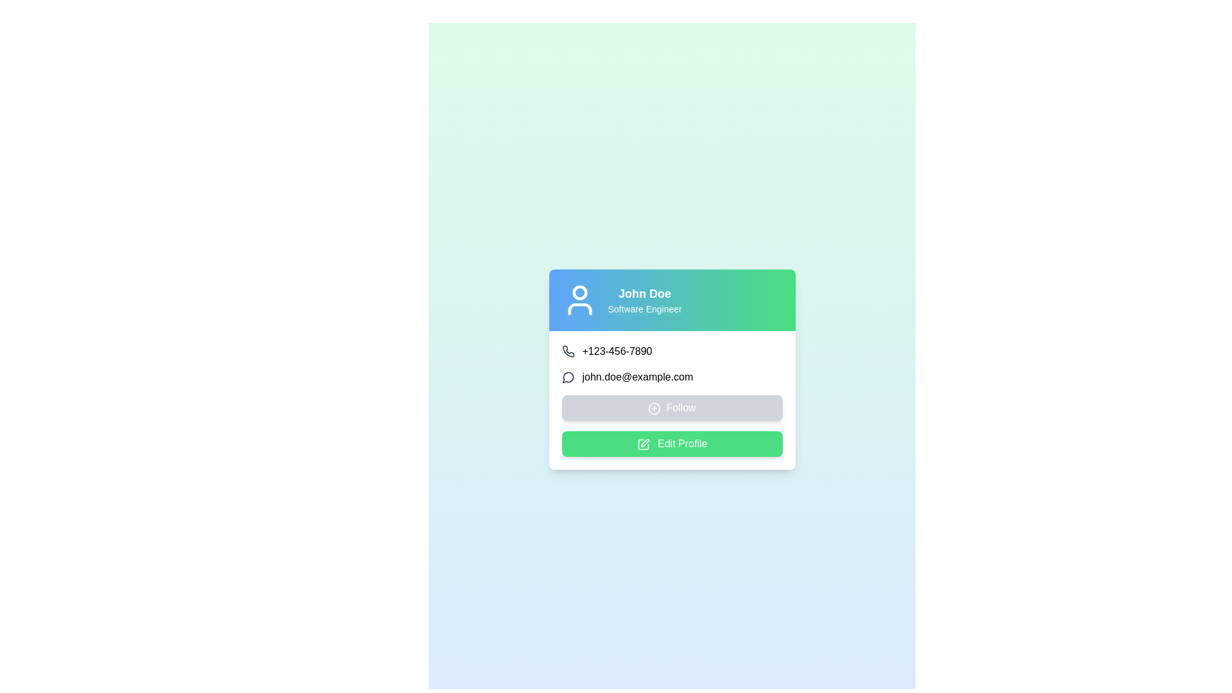 The height and width of the screenshot is (693, 1232). Describe the element at coordinates (654, 408) in the screenshot. I see `Circle element within the SVG graphic that represents the add action related to the 'Follow' button functionality` at that location.